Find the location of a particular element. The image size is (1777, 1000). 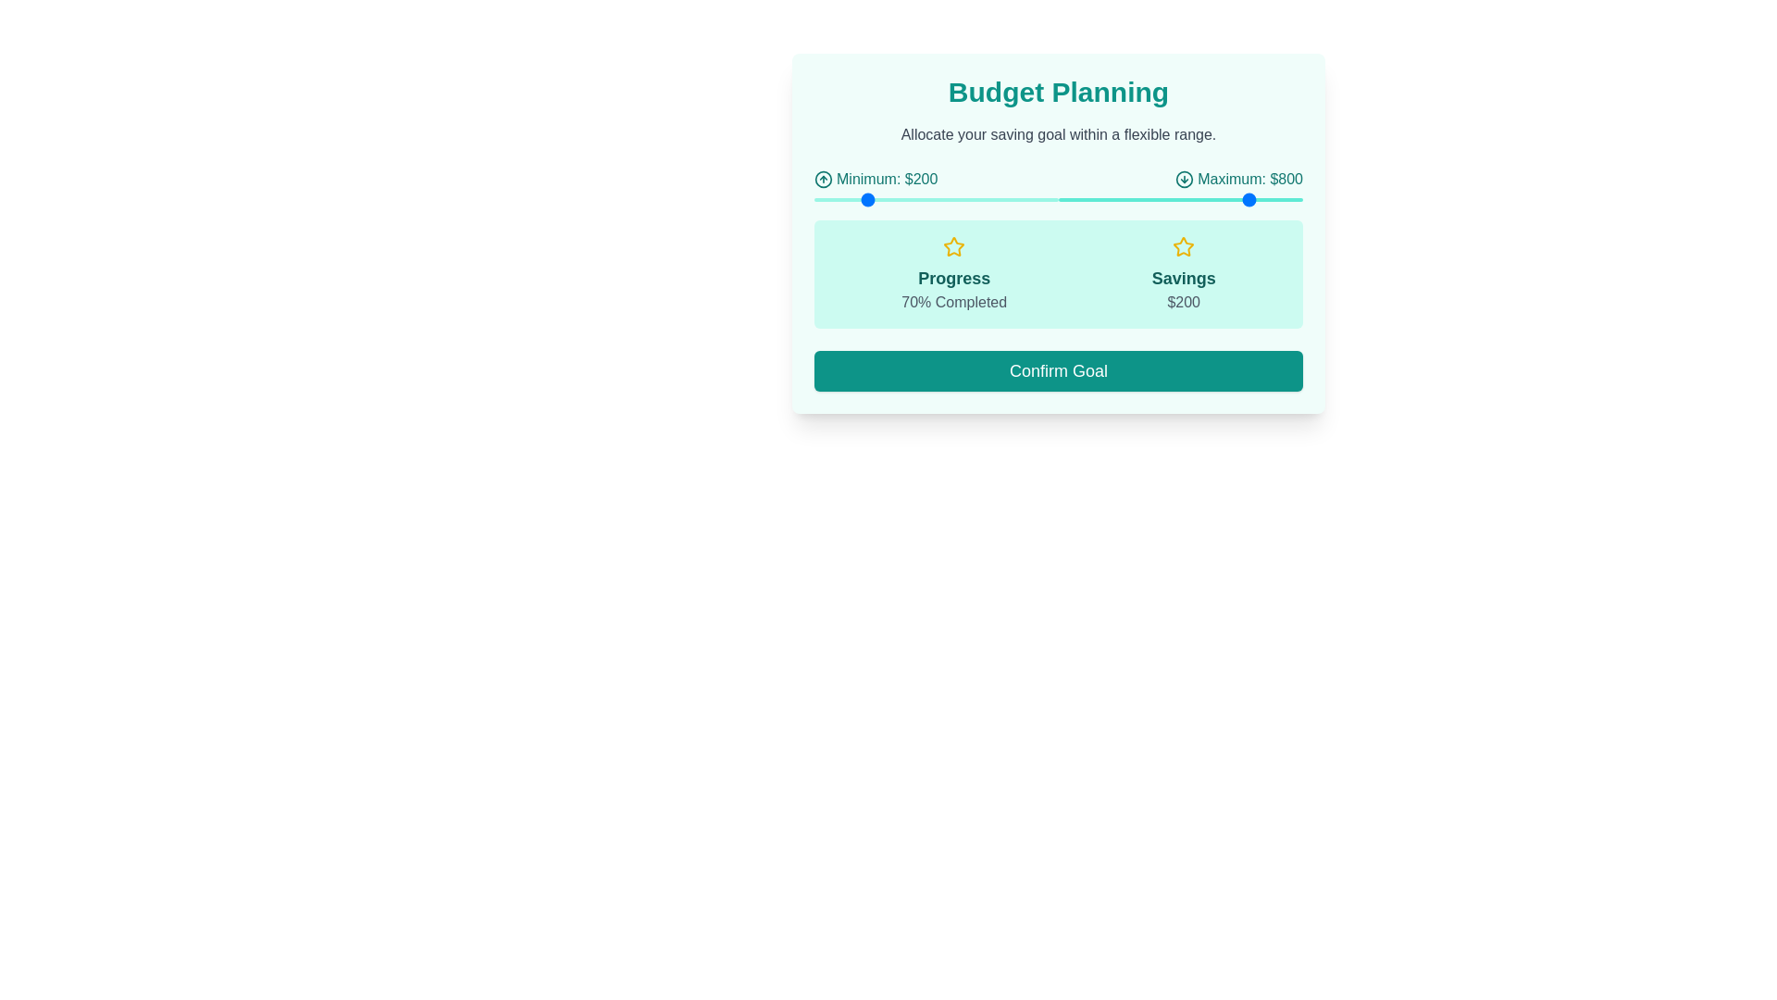

the slider value is located at coordinates (847, 200).